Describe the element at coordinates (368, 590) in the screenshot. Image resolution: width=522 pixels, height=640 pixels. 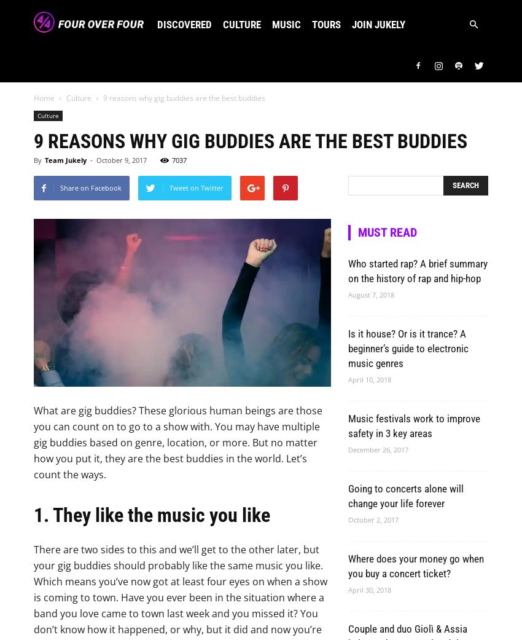
I see `'April 30, 2018'` at that location.